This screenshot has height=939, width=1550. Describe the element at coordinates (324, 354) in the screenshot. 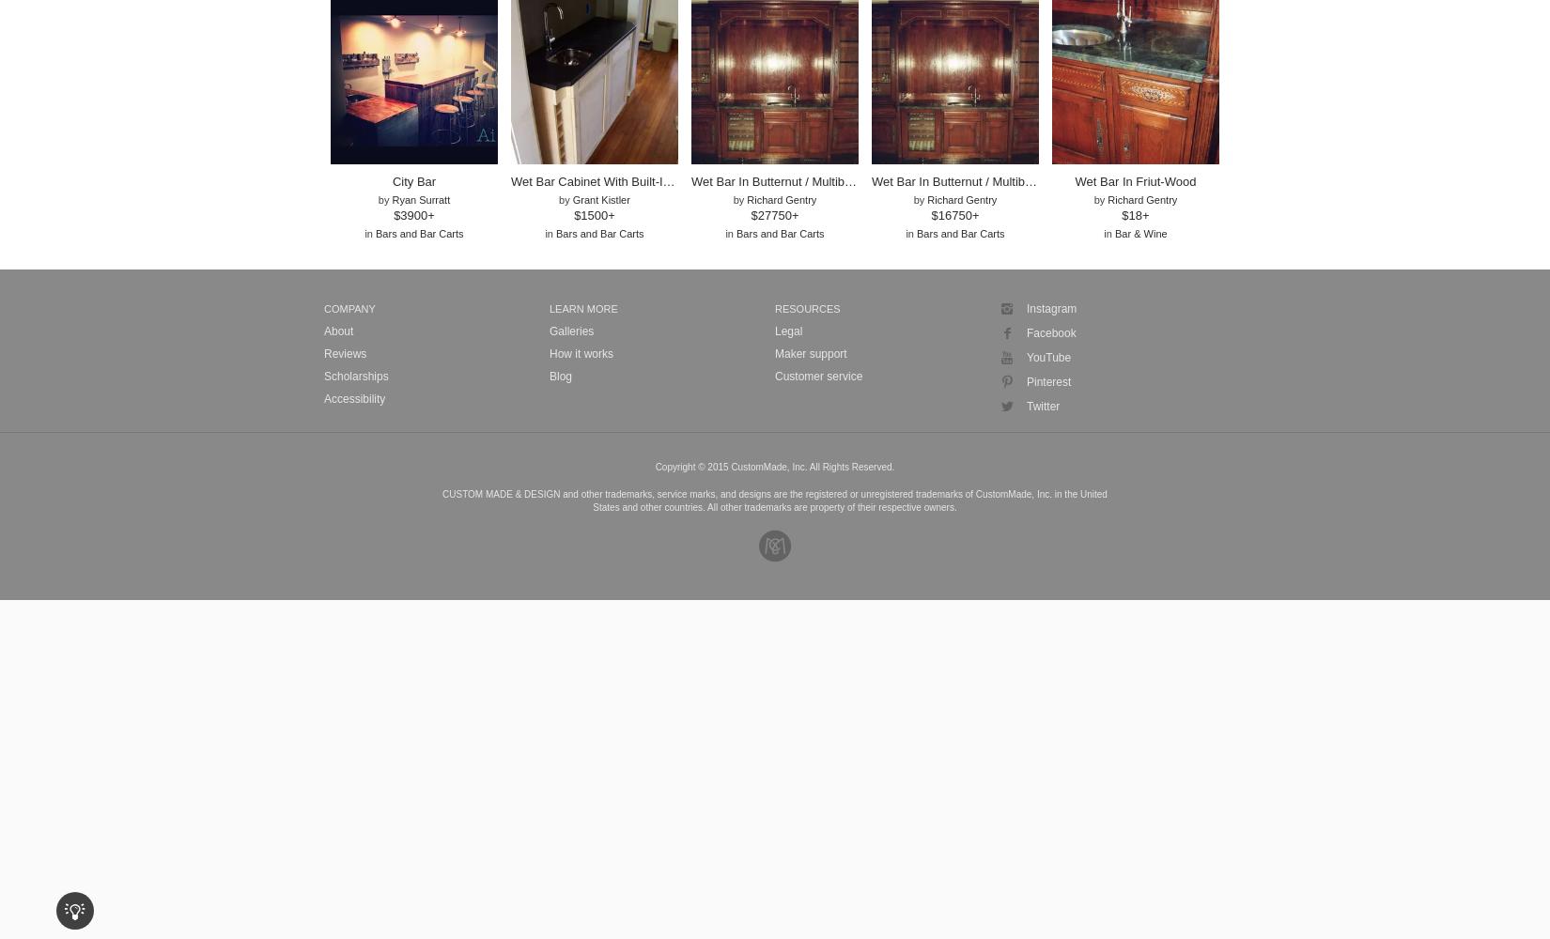

I see `'Reviews'` at that location.